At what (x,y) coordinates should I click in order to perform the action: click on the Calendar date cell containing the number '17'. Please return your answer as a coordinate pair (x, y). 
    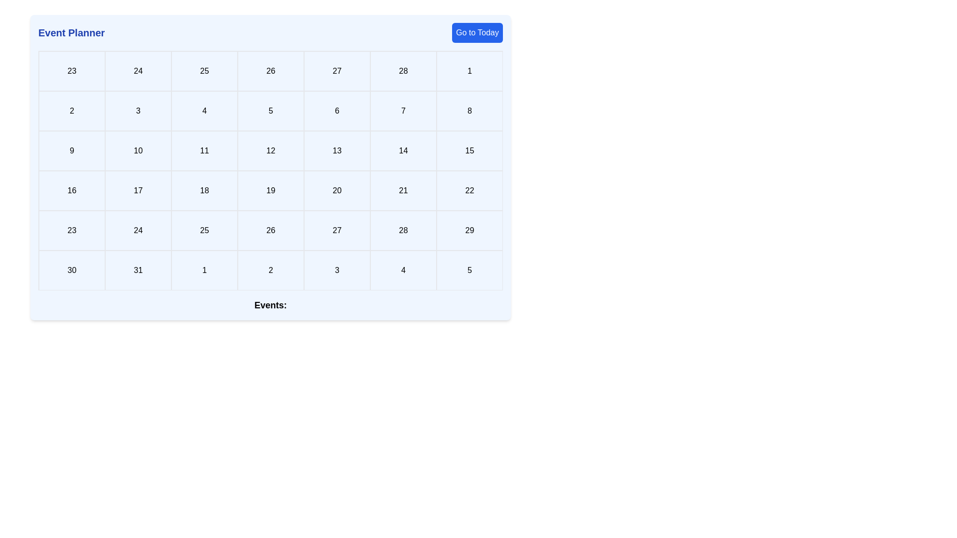
    Looking at the image, I should click on (138, 190).